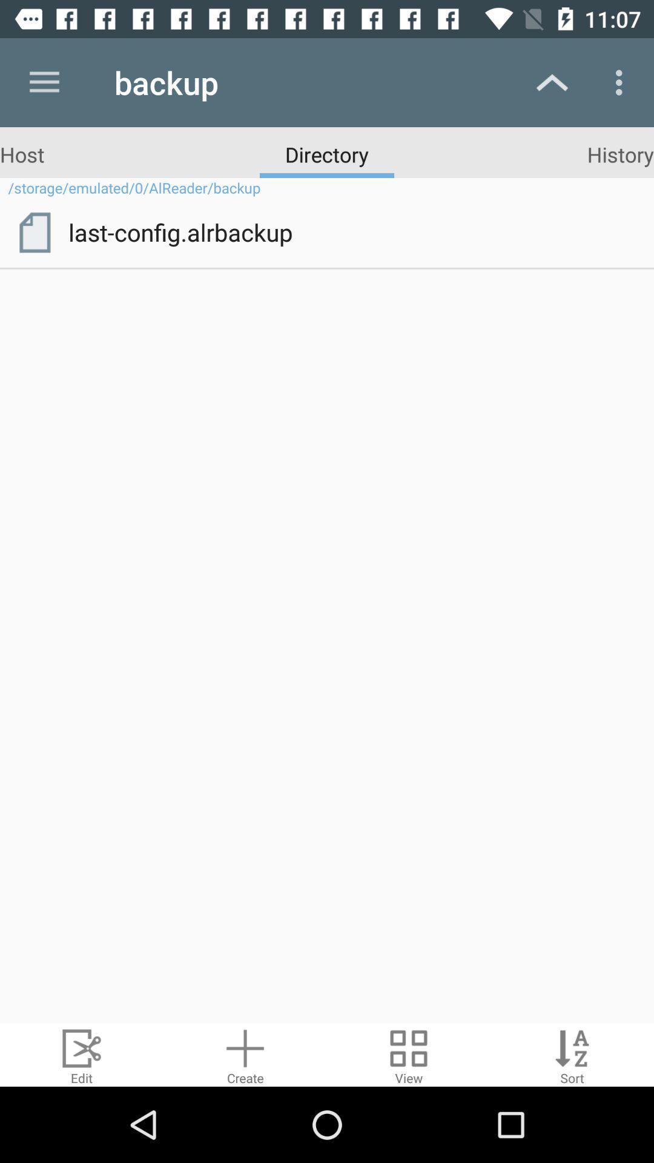  What do you see at coordinates (82, 1054) in the screenshot?
I see `tab to edit` at bounding box center [82, 1054].